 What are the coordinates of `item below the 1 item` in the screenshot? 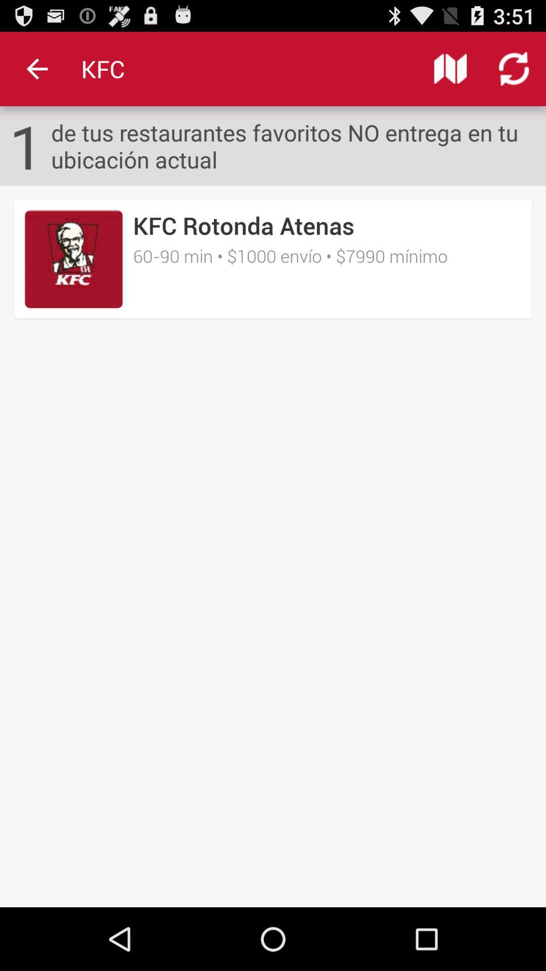 It's located at (273, 259).